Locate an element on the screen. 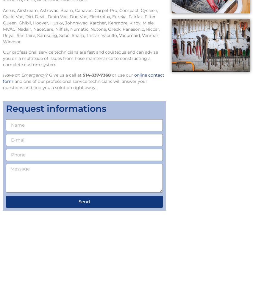  'and one of our professional service technicians will answer your questions and find you a solution right away.' is located at coordinates (75, 84).